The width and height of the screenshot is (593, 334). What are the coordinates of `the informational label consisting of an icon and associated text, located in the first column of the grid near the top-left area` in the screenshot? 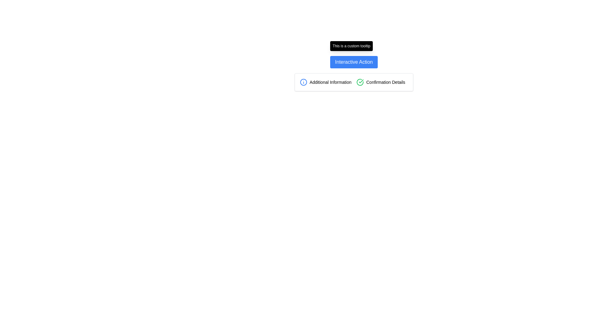 It's located at (325, 82).